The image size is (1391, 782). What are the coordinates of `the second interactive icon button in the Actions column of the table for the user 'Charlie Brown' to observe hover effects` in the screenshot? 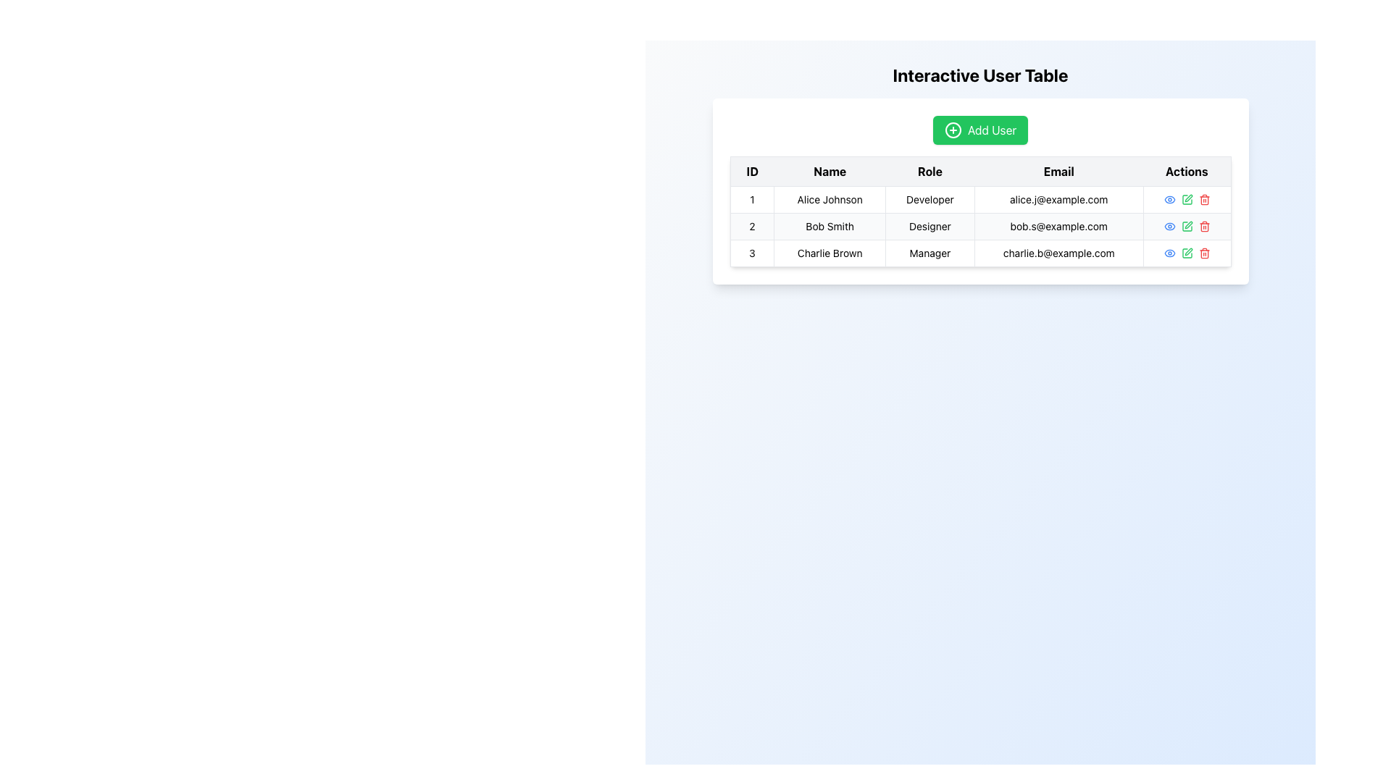 It's located at (1187, 253).